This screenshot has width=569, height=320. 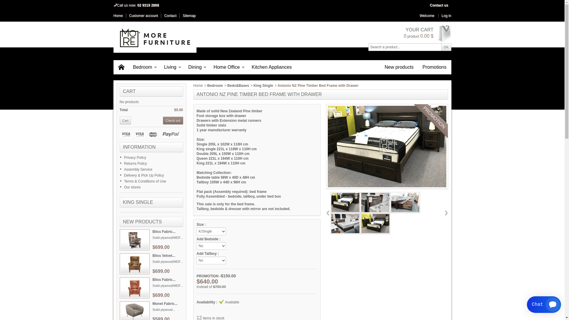 I want to click on 'Contact', so click(x=170, y=15).